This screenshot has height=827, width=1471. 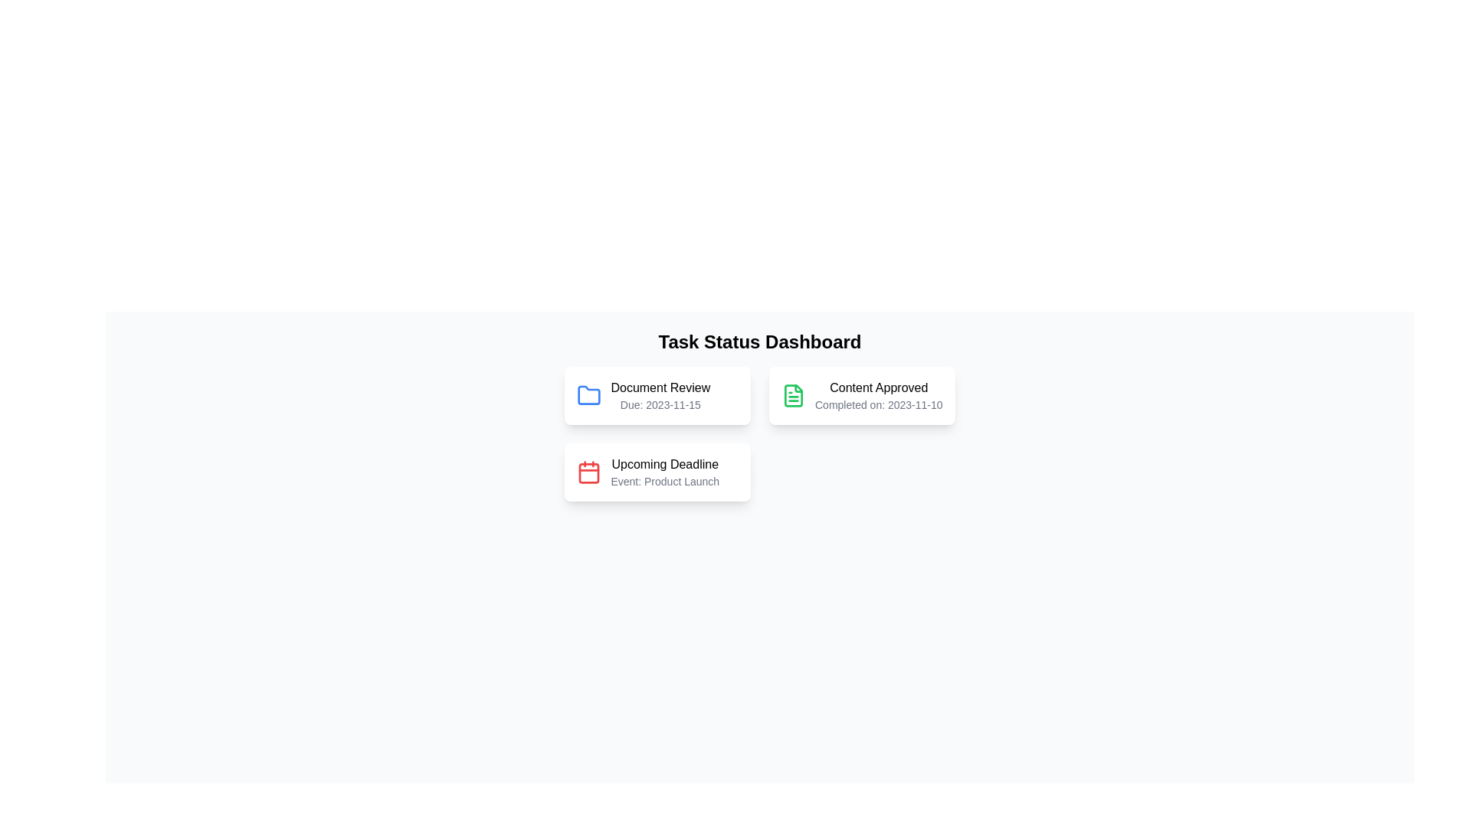 What do you see at coordinates (665, 480) in the screenshot?
I see `the text label that provides additional information about the 'Upcoming Deadline' in the card layout, located below the 'Upcoming Deadline' text in the bottom-left section of the grid` at bounding box center [665, 480].